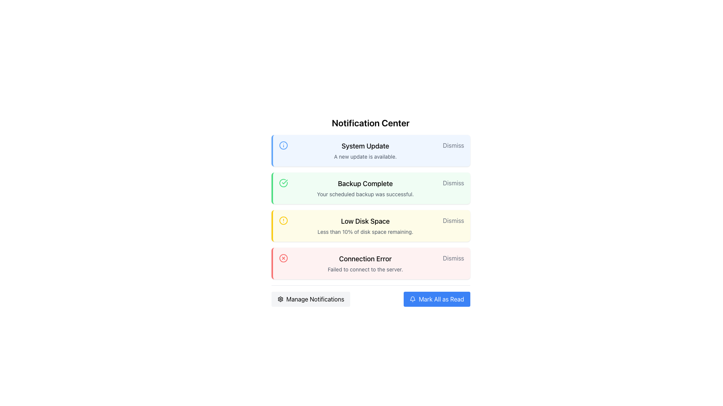 Image resolution: width=723 pixels, height=406 pixels. What do you see at coordinates (371, 226) in the screenshot?
I see `message from the Notification box alerting about low disk space, which is the third notification in the stack under 'Notification Center'` at bounding box center [371, 226].